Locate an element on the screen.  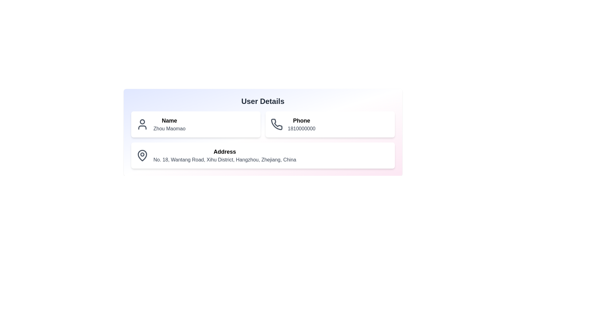
the 'User Details' text header, which is a large, bold, dark gray centered text element with a gradient background, positioned at the top center of the user information section is located at coordinates (263, 101).